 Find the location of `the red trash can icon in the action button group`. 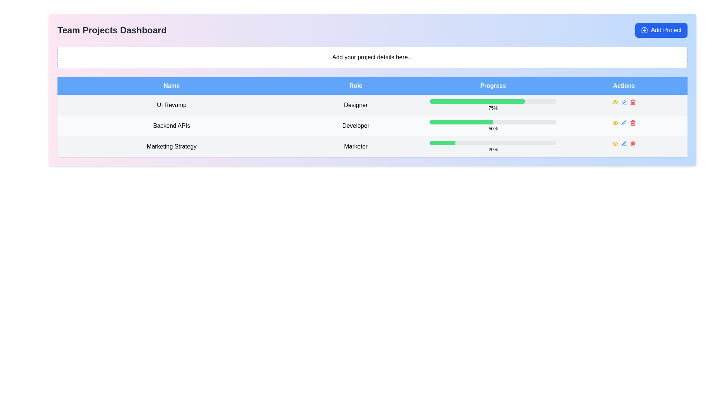

the red trash can icon in the action button group is located at coordinates (632, 144).